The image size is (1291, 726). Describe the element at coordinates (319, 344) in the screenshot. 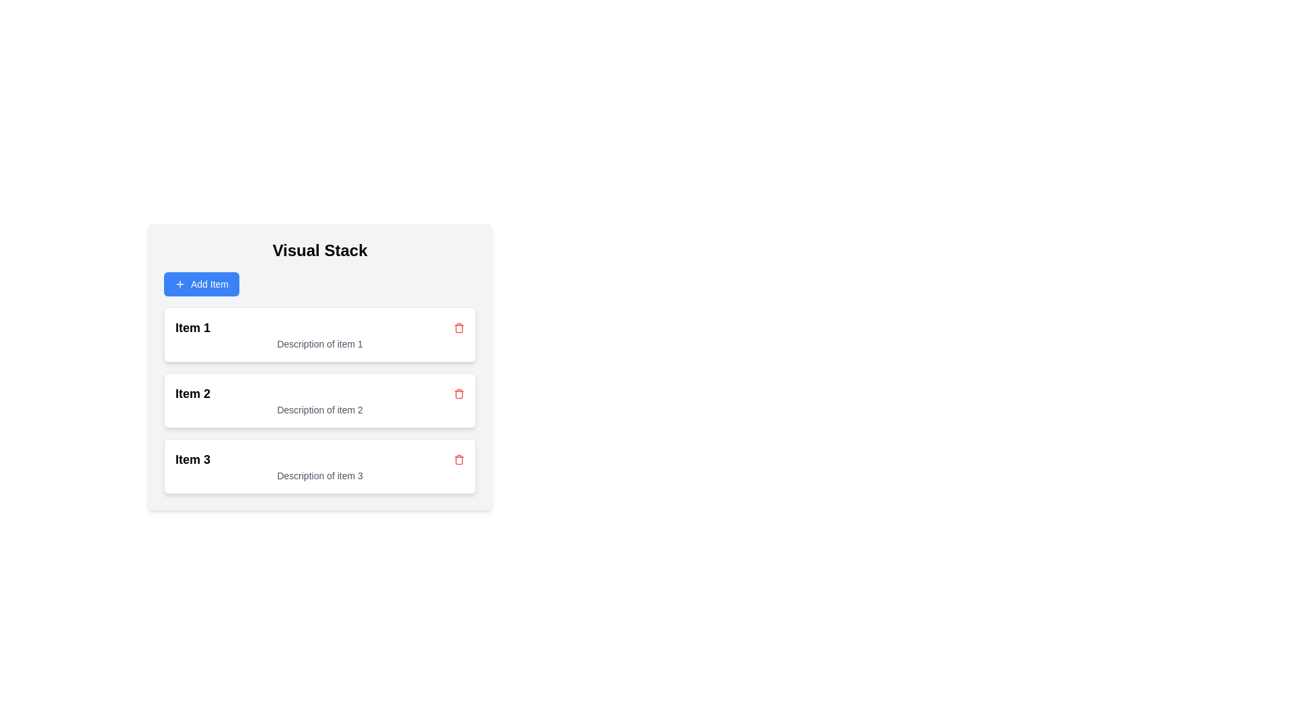

I see `the gray text label located below the title 'Item 1' within the first item box` at that location.